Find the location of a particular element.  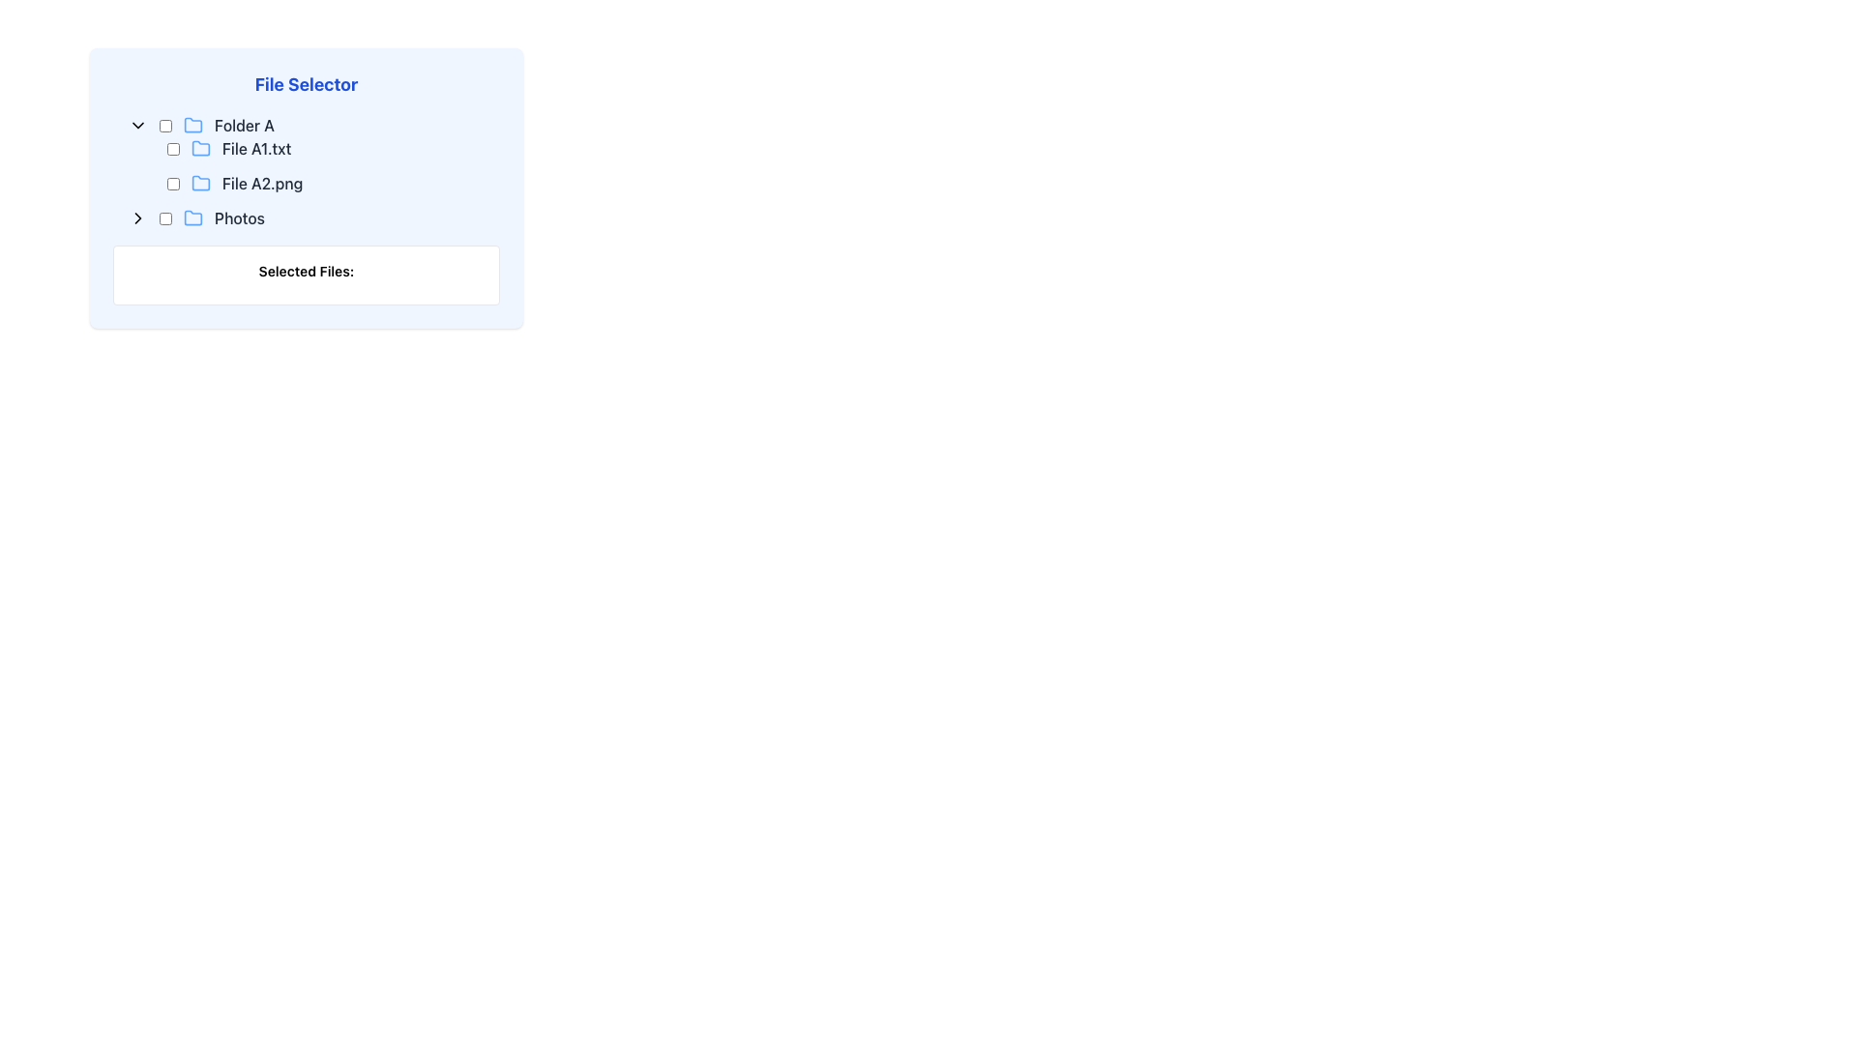

the text label that serves as the name for a file in the file selector interface, located to the right of the checkbox and folder icon is located at coordinates (261, 183).